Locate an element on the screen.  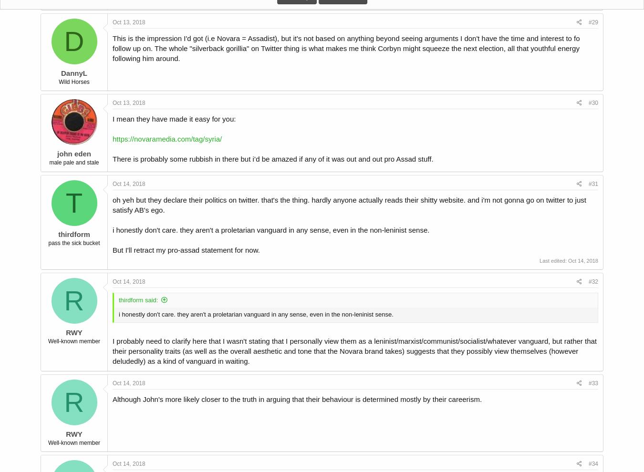
'#33' is located at coordinates (593, 382).